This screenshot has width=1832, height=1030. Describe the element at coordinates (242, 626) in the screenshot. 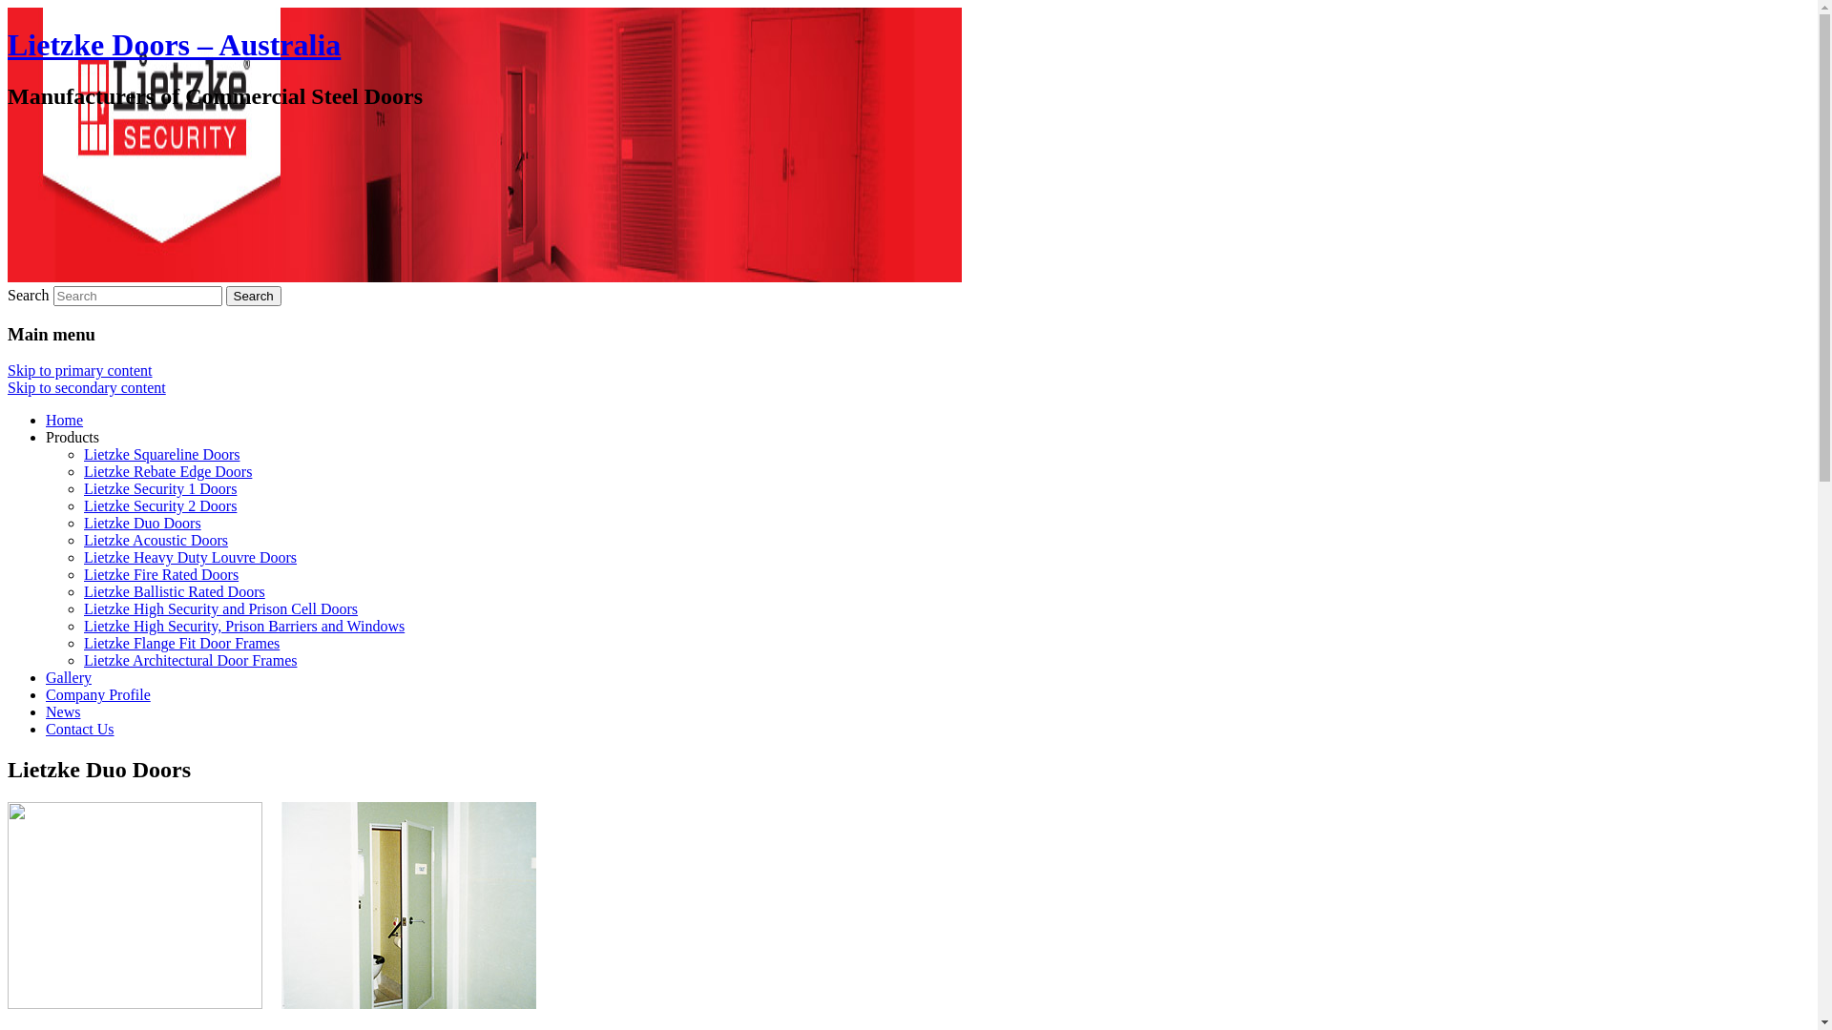

I see `'Lietzke High Security, Prison Barriers and Windows'` at that location.